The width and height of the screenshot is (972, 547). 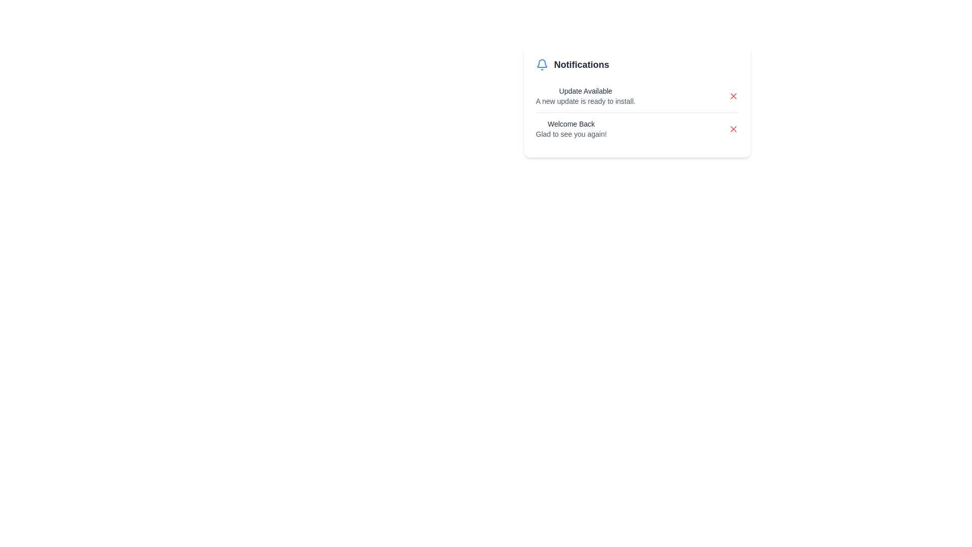 What do you see at coordinates (541, 64) in the screenshot?
I see `the notification bell icon located to the left of the 'Notifications' label` at bounding box center [541, 64].